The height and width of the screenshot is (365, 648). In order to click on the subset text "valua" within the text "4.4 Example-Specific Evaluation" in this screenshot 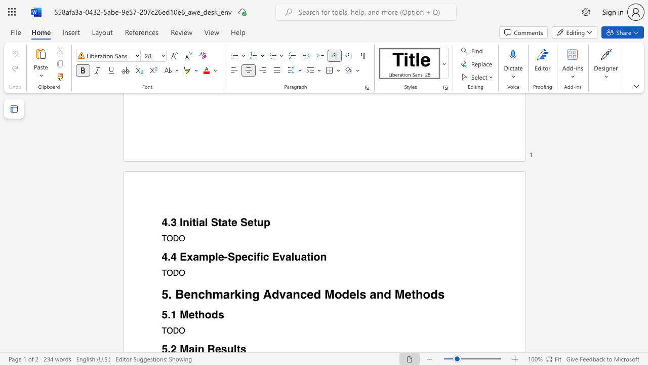, I will do `click(279, 257)`.